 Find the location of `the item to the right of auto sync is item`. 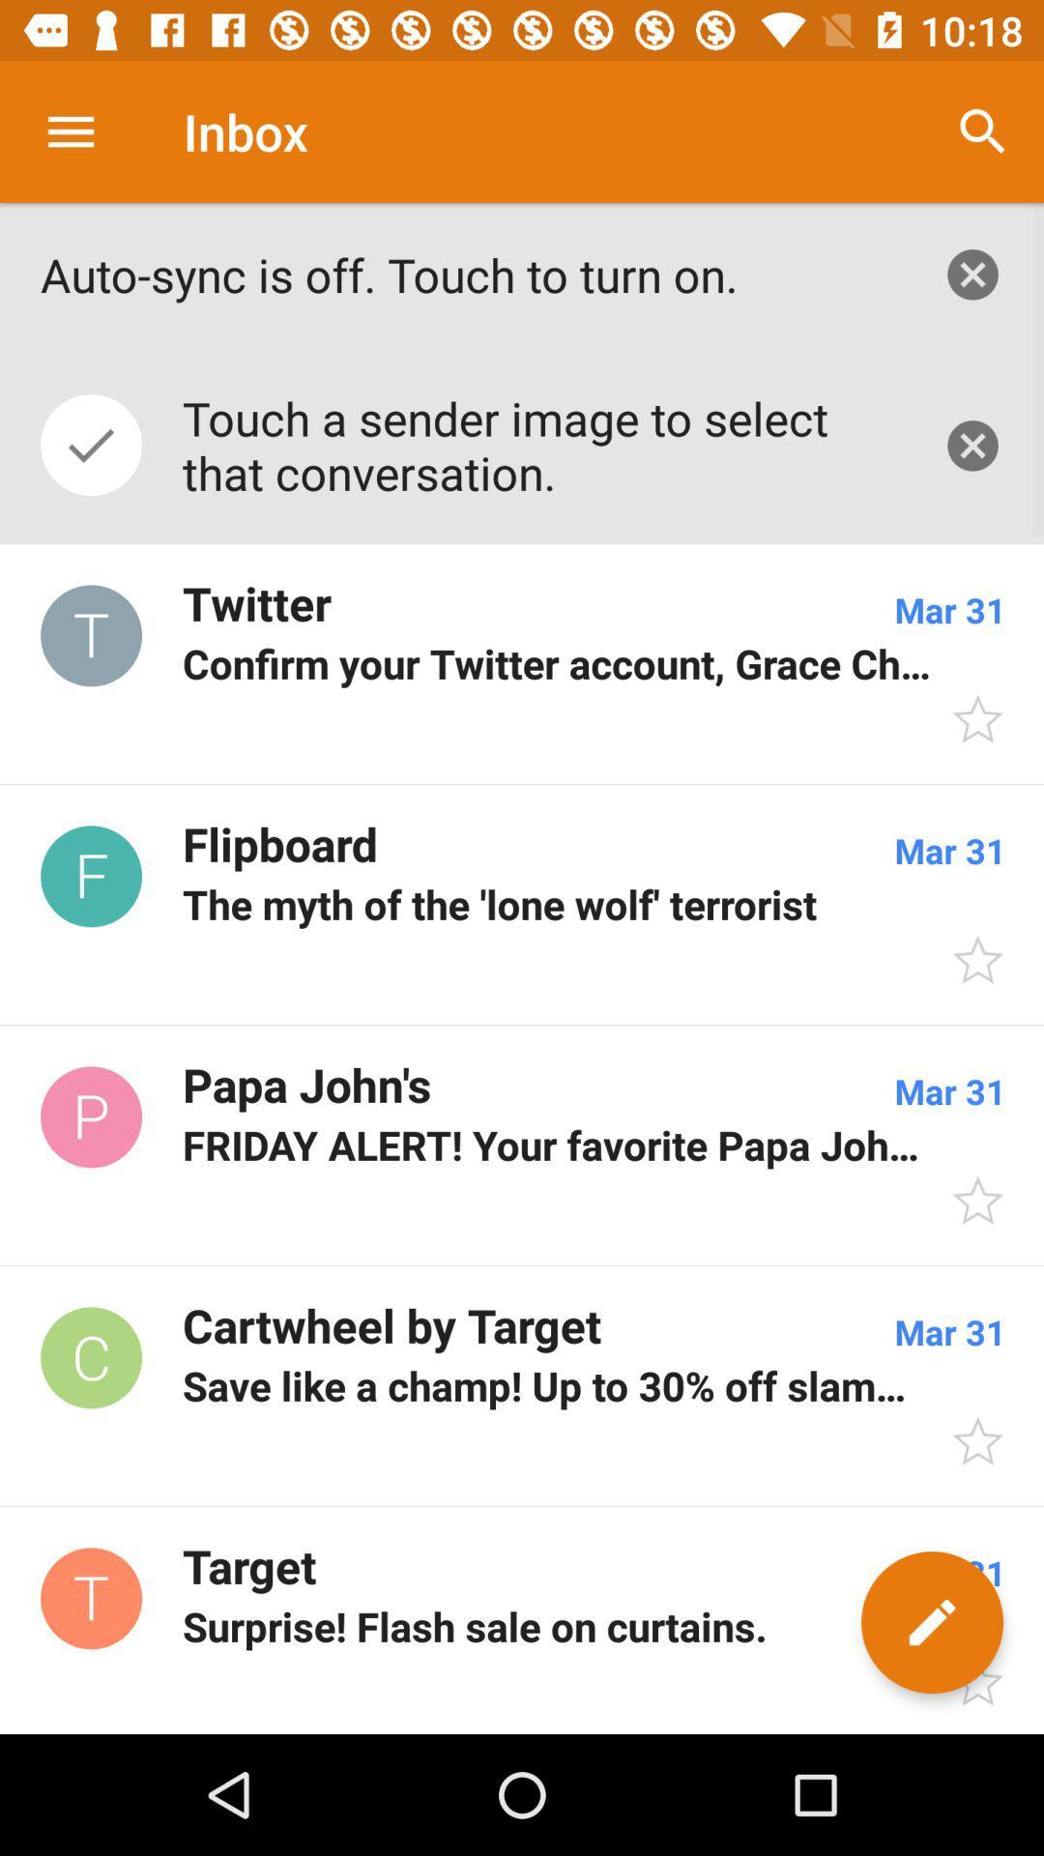

the item to the right of auto sync is item is located at coordinates (983, 130).